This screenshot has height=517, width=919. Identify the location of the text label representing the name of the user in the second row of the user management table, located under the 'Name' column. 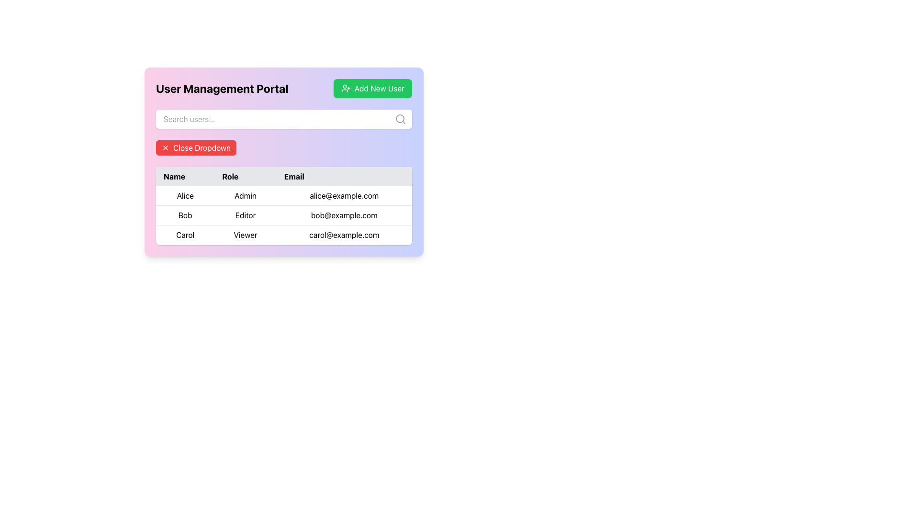
(185, 215).